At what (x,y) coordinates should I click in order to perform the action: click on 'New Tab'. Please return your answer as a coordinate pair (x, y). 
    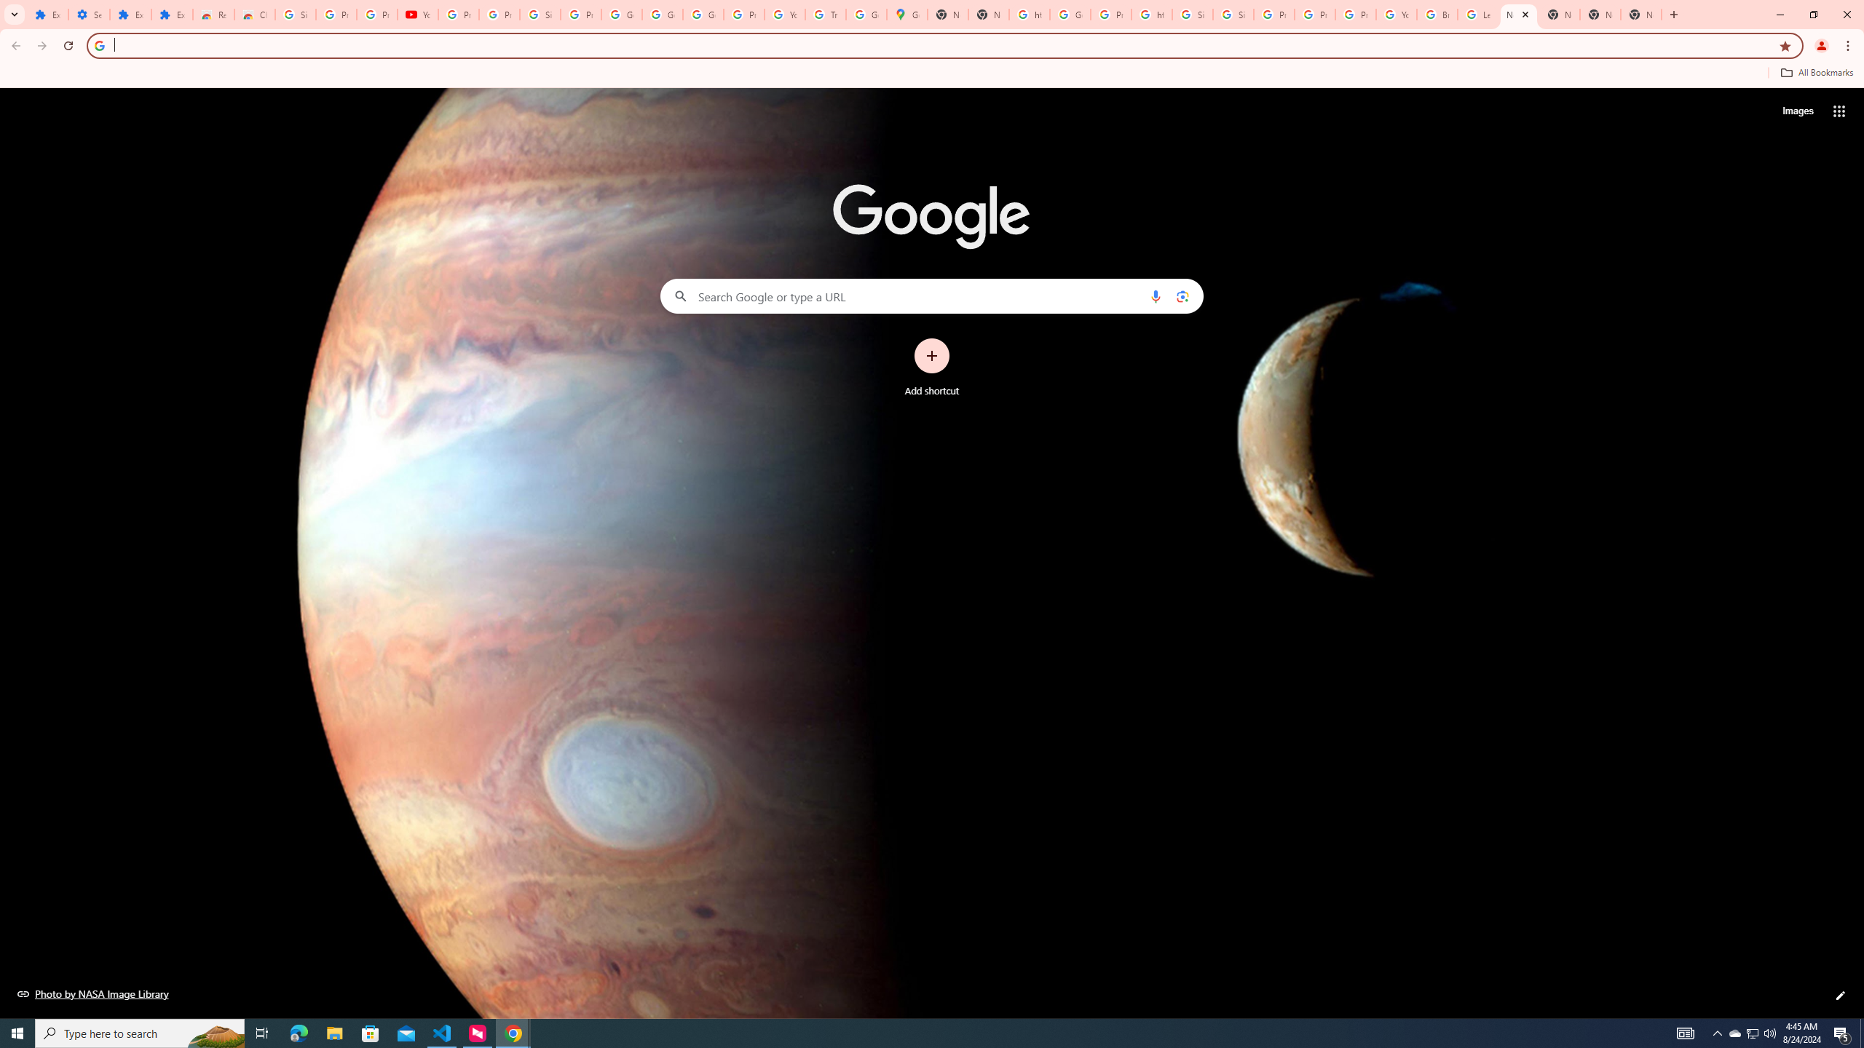
    Looking at the image, I should click on (1641, 14).